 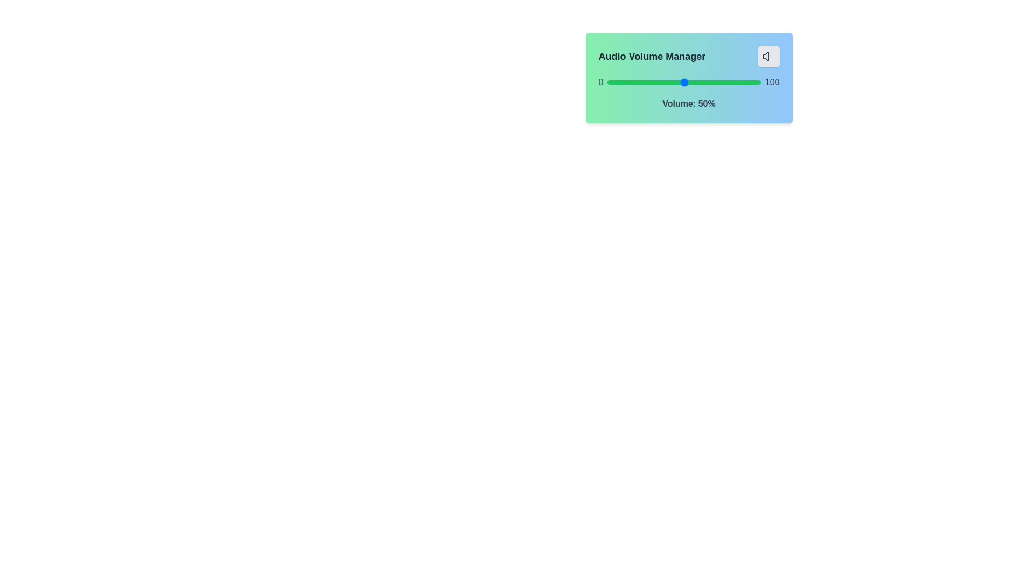 What do you see at coordinates (683, 82) in the screenshot?
I see `the blue knob of the horizontal slider with a green background` at bounding box center [683, 82].